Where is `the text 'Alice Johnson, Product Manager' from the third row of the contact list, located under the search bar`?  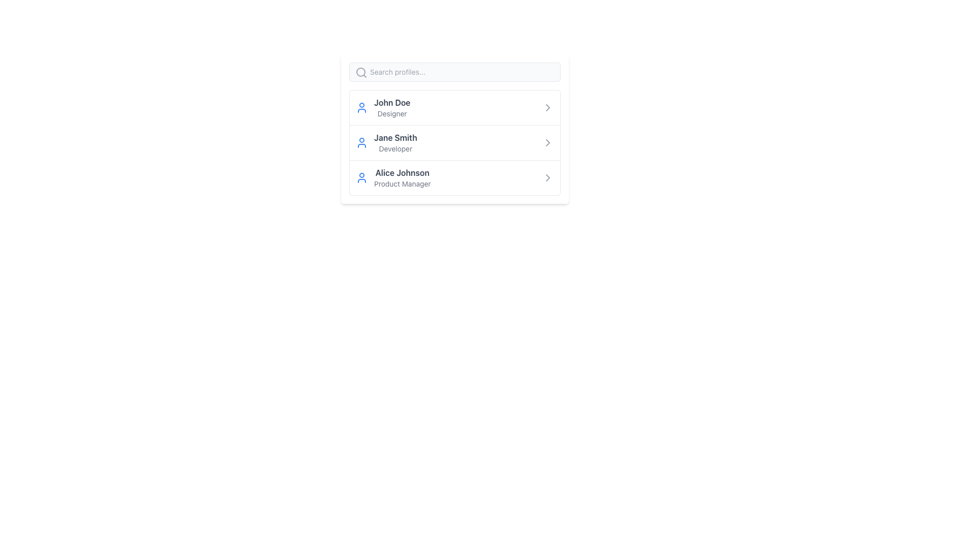
the text 'Alice Johnson, Product Manager' from the third row of the contact list, located under the search bar is located at coordinates (402, 177).